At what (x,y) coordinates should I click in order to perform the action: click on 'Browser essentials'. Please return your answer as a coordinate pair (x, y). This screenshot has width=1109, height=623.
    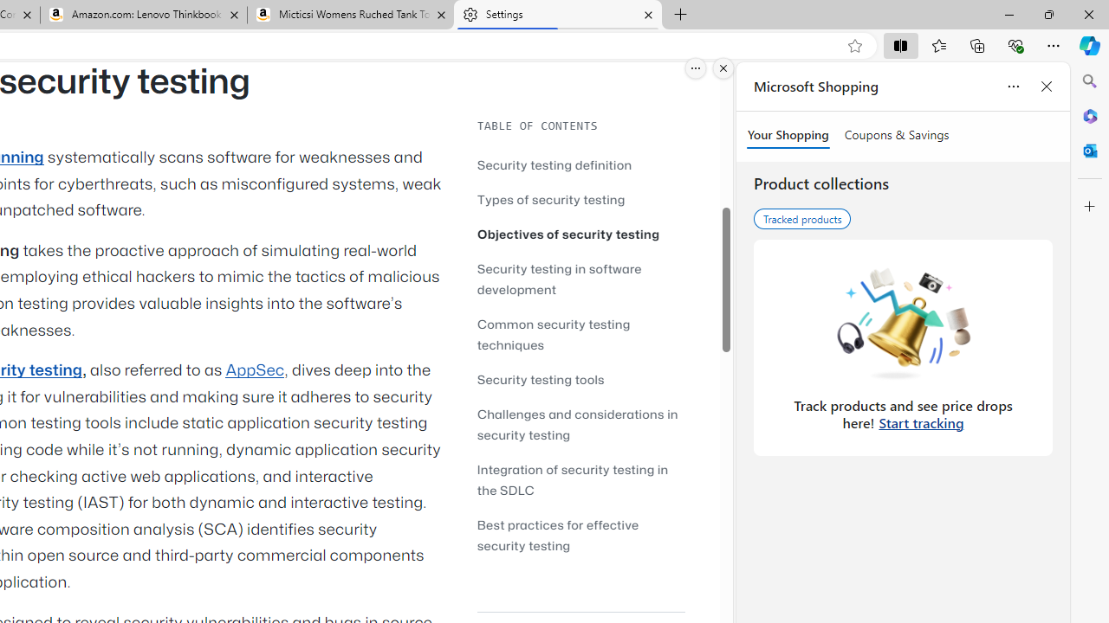
    Looking at the image, I should click on (1015, 44).